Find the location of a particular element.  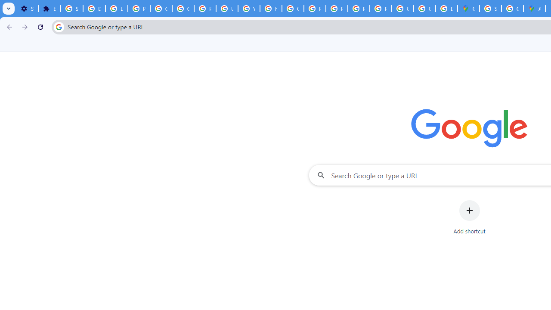

'https://scholar.google.com/' is located at coordinates (270, 9).